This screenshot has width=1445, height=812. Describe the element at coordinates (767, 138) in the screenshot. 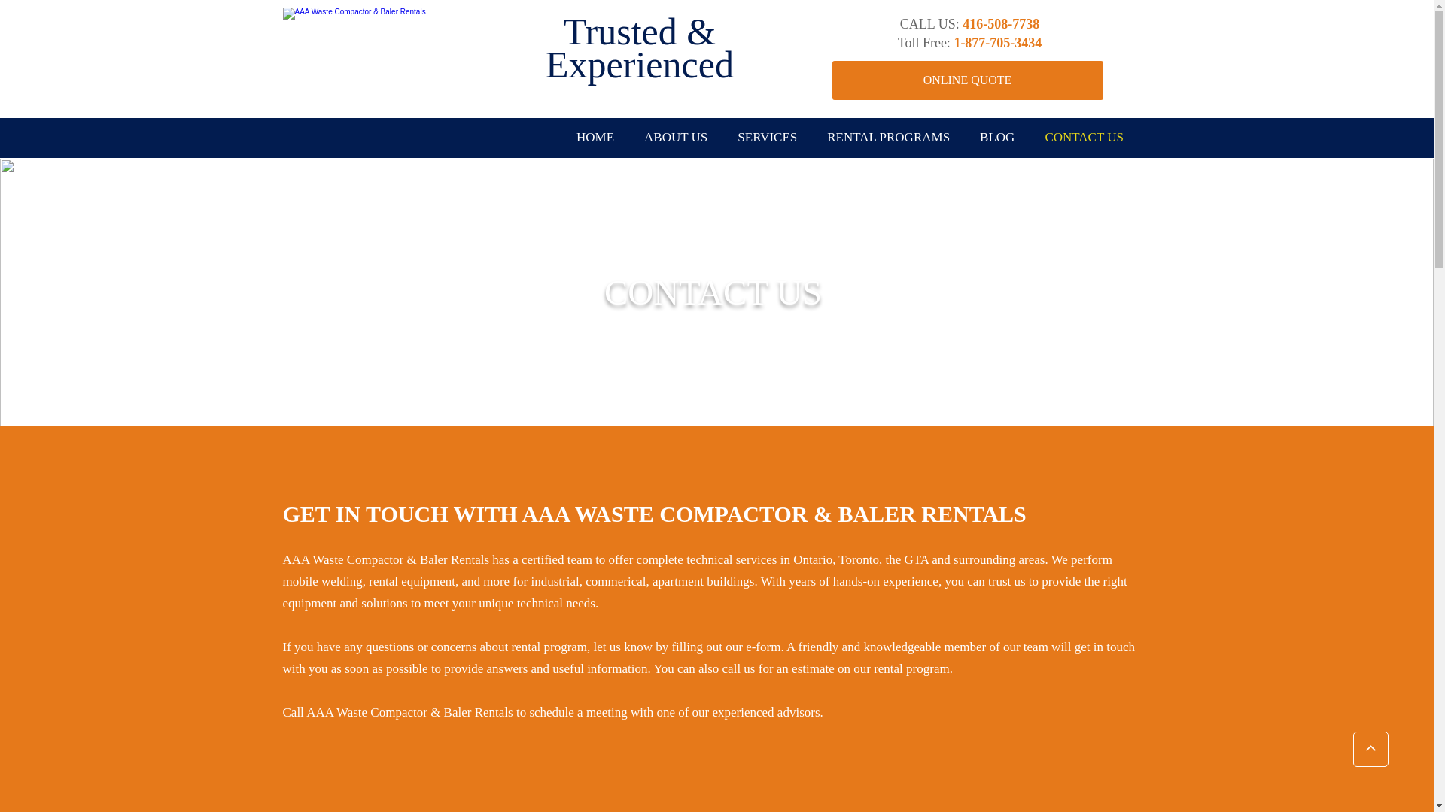

I see `'SERVICES'` at that location.